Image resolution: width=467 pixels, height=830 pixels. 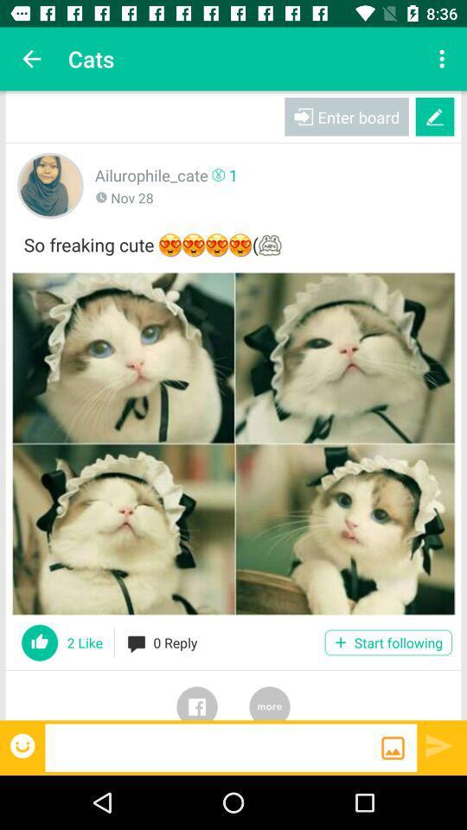 What do you see at coordinates (195, 695) in the screenshot?
I see `share to facebook` at bounding box center [195, 695].